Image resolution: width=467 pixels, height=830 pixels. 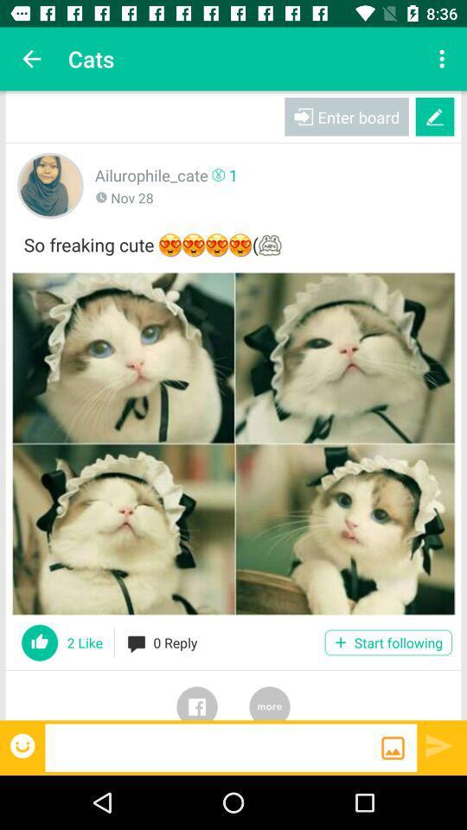 What do you see at coordinates (195, 695) in the screenshot?
I see `share to facebook` at bounding box center [195, 695].